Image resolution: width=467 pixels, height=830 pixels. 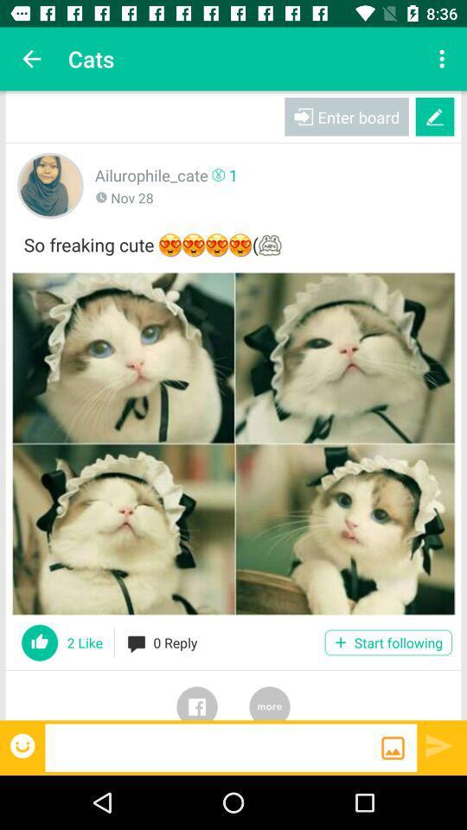 What do you see at coordinates (195, 695) in the screenshot?
I see `share to facebook` at bounding box center [195, 695].